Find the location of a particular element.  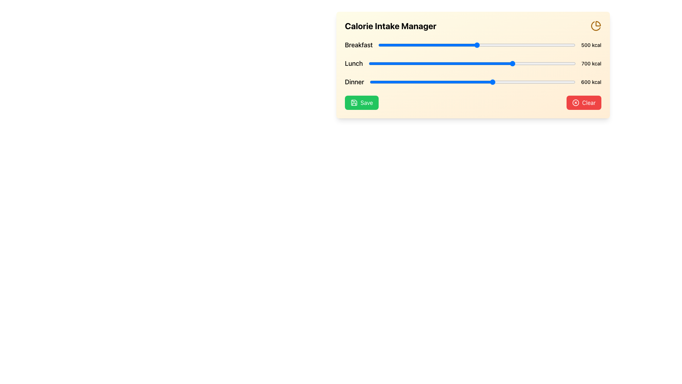

the yellow pie chart segment icon located at the top right corner of the 'Calorie Intake Manager' interface is located at coordinates (598, 23).